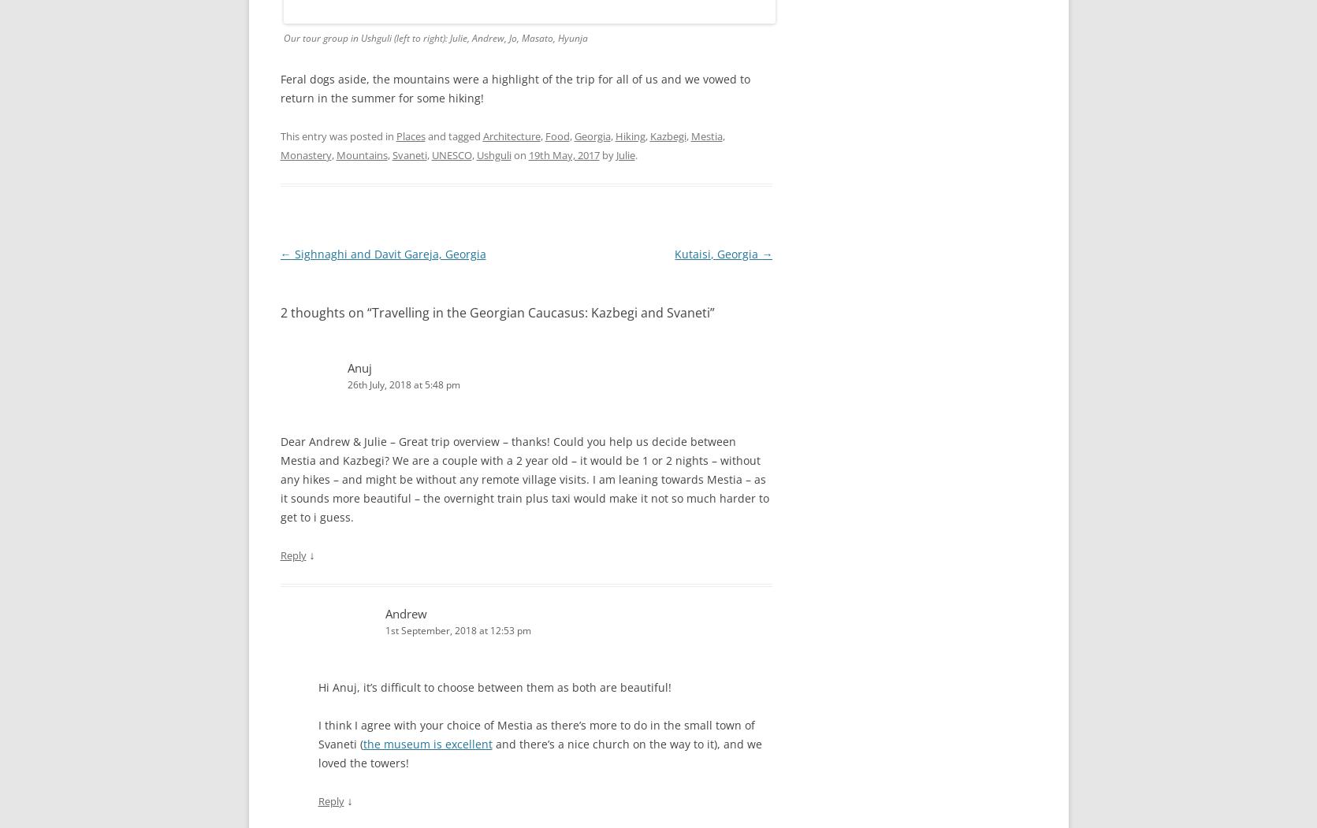 The width and height of the screenshot is (1317, 828). What do you see at coordinates (408, 154) in the screenshot?
I see `'Svaneti'` at bounding box center [408, 154].